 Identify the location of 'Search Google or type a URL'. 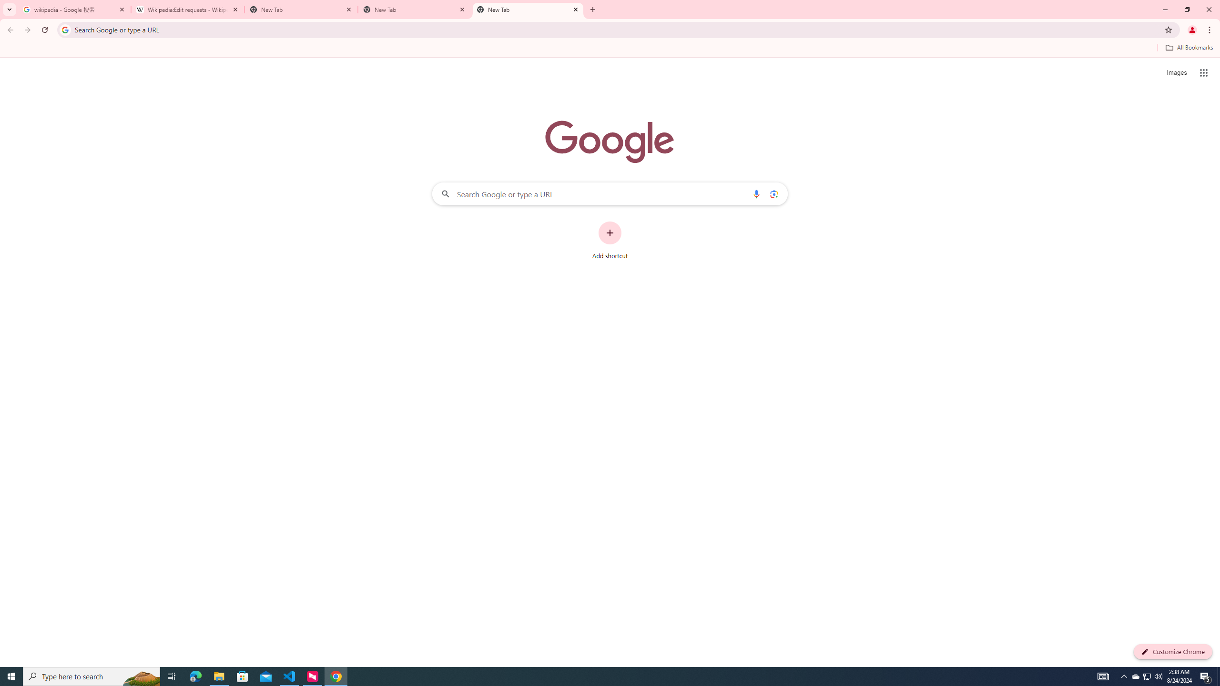
(610, 193).